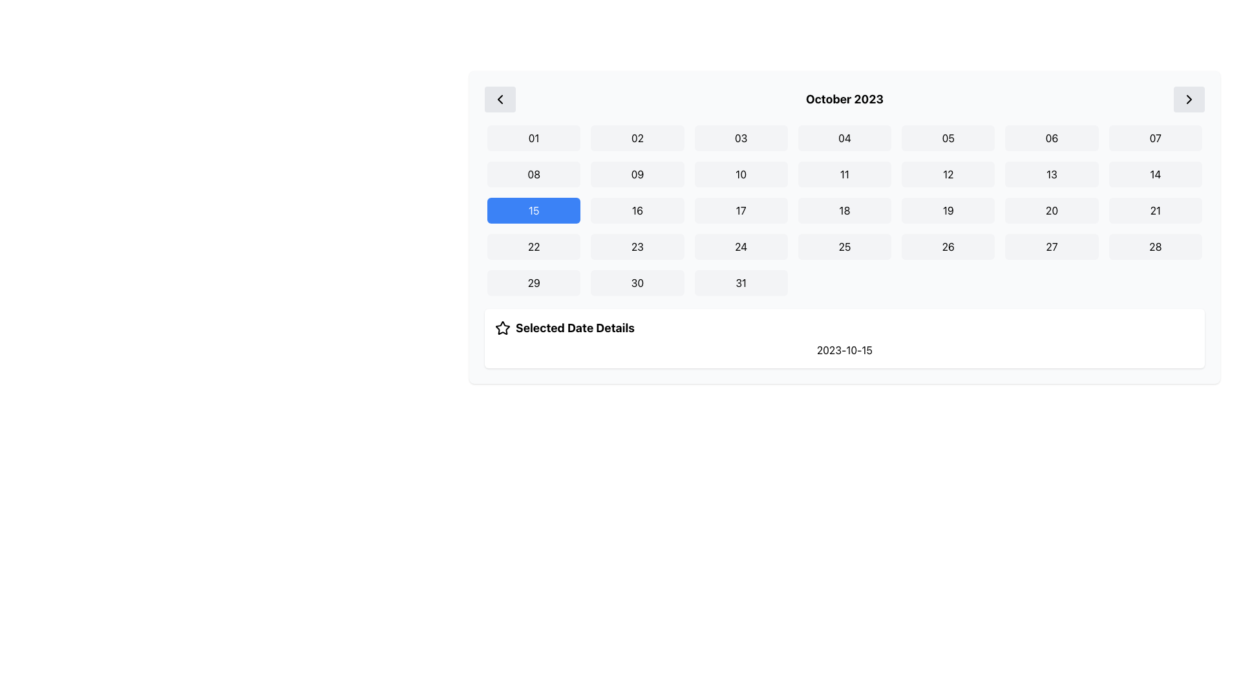 The width and height of the screenshot is (1241, 698). I want to click on the small rectangular button with a light gray background and rounded corners, featuring a left-pointing chevron icon, located to the left of the text 'October 2023' in the top-left corner of the calendar interface, so click(499, 99).